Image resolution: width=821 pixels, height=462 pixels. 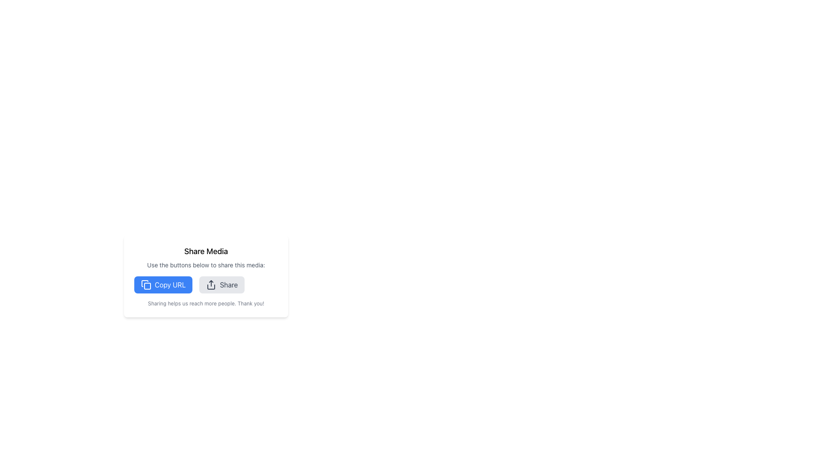 What do you see at coordinates (148, 286) in the screenshot?
I see `the copy URL icon located within the left blue button labeled 'Copy URL'` at bounding box center [148, 286].